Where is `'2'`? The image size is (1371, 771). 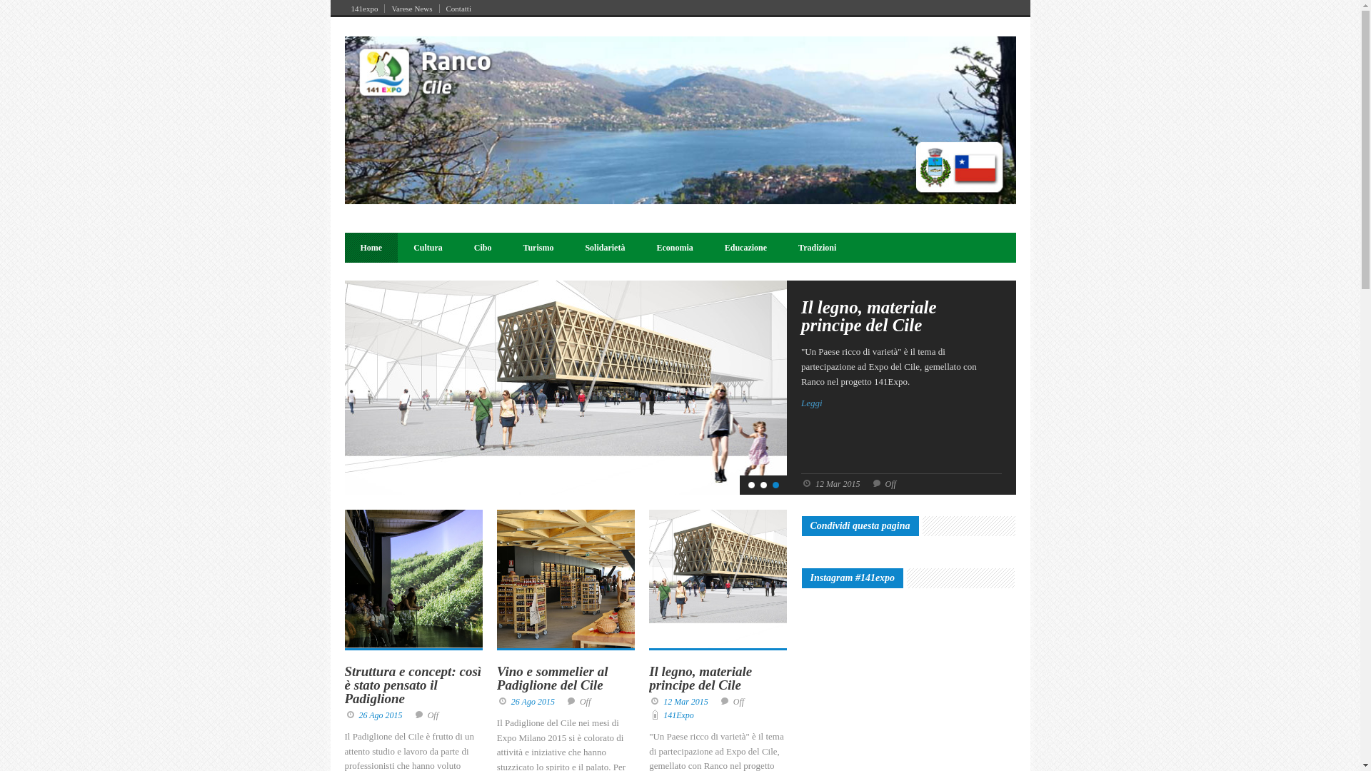 '2' is located at coordinates (763, 484).